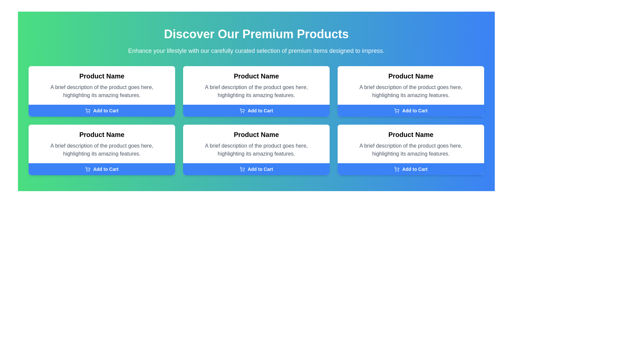 Image resolution: width=638 pixels, height=359 pixels. What do you see at coordinates (87, 169) in the screenshot?
I see `the small, circular shopping cart icon located inside the 'Add to Cart' button at the bottom section of the product card, which is on the left side of the button, preceding the text label` at bounding box center [87, 169].